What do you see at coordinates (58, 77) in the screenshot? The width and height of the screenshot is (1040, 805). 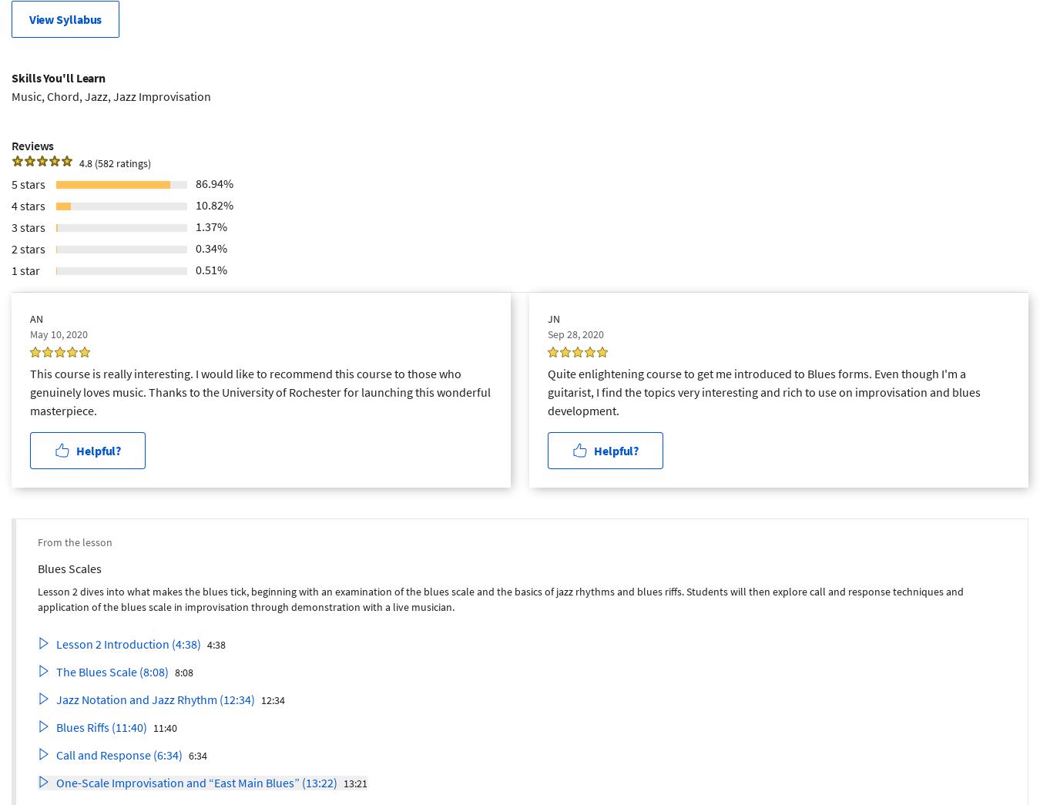 I see `'Skills You'll Learn'` at bounding box center [58, 77].